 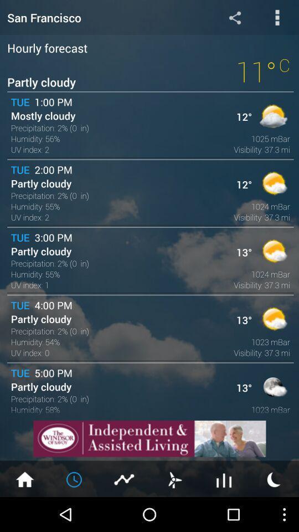 What do you see at coordinates (234, 18) in the screenshot?
I see `the share icon` at bounding box center [234, 18].